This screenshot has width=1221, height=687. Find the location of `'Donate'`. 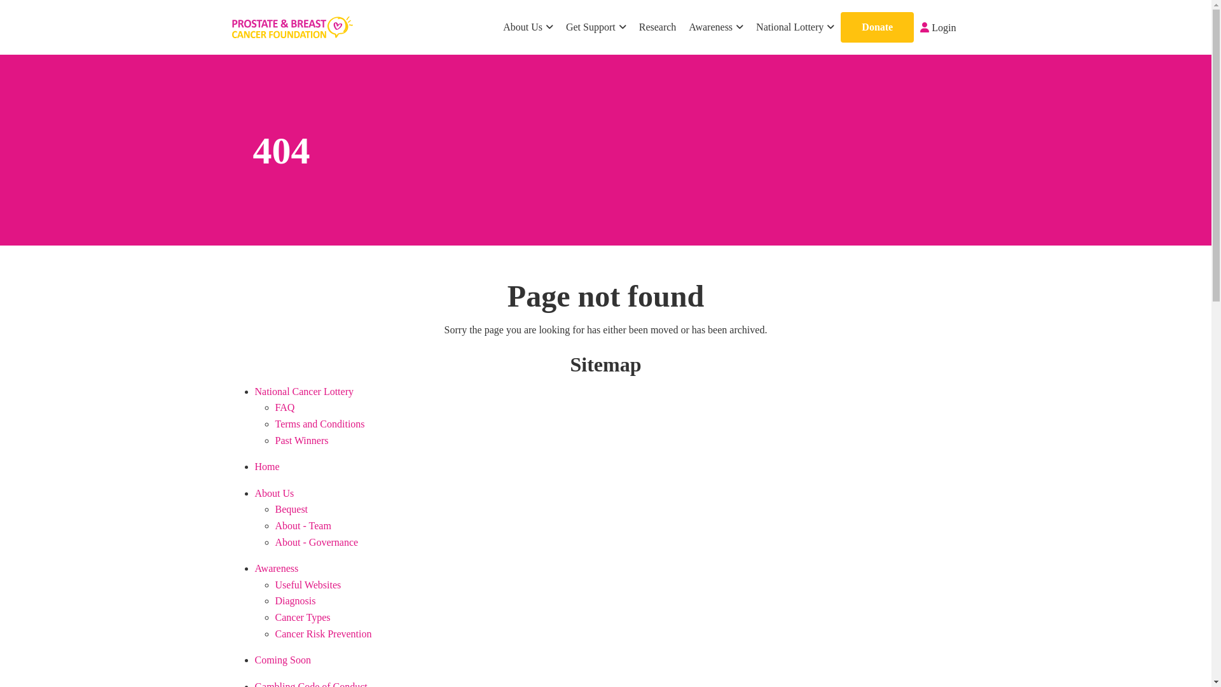

'Donate' is located at coordinates (876, 27).